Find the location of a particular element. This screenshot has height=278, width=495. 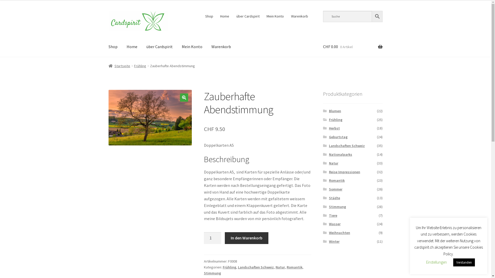

'Weihnachten' is located at coordinates (339, 232).